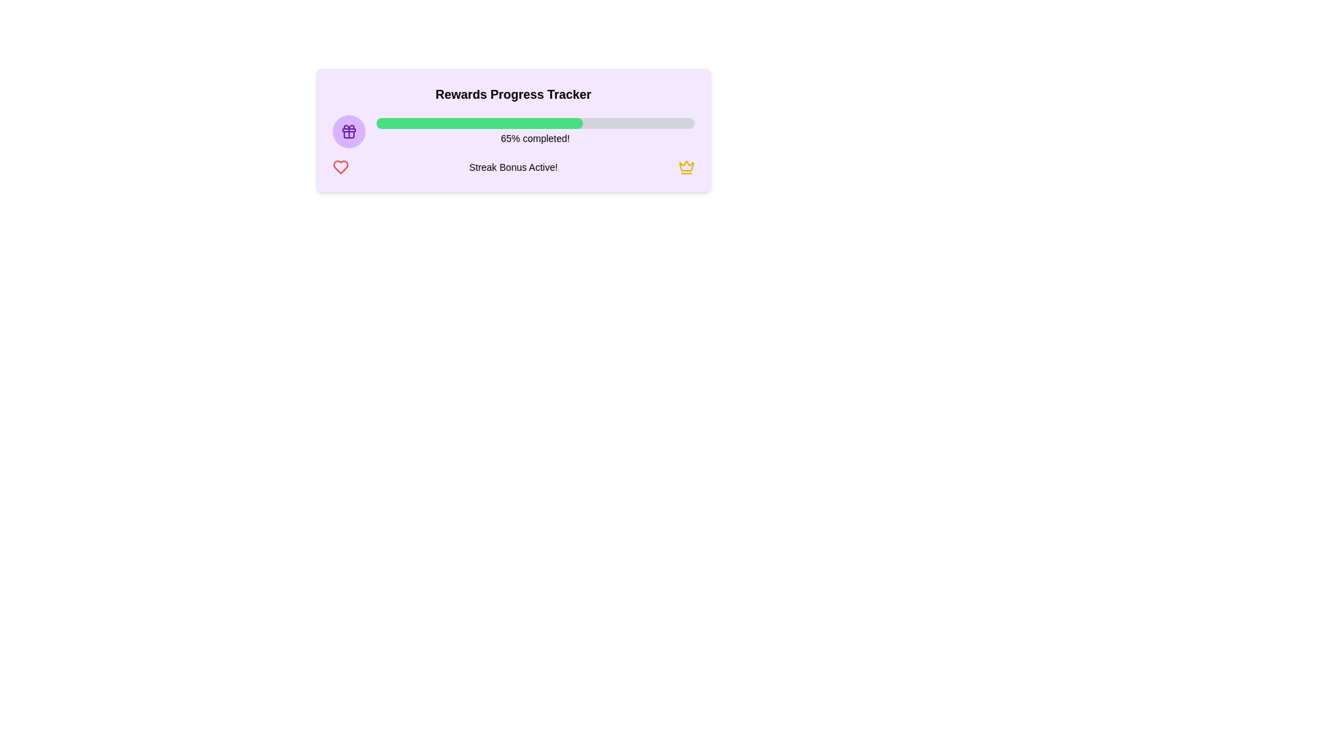 Image resolution: width=1317 pixels, height=741 pixels. What do you see at coordinates (534, 138) in the screenshot?
I see `static text label displaying '65% completed!' which is positioned below the progress bar and is non-interactive` at bounding box center [534, 138].